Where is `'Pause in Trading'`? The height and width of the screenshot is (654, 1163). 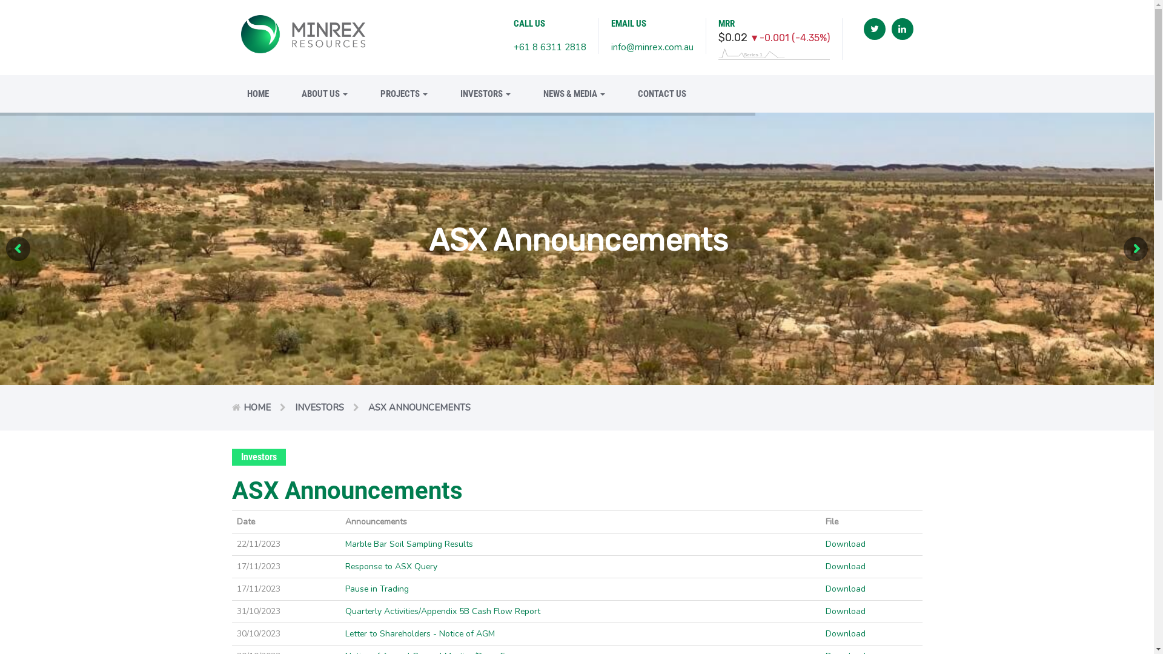
'Pause in Trading' is located at coordinates (376, 588).